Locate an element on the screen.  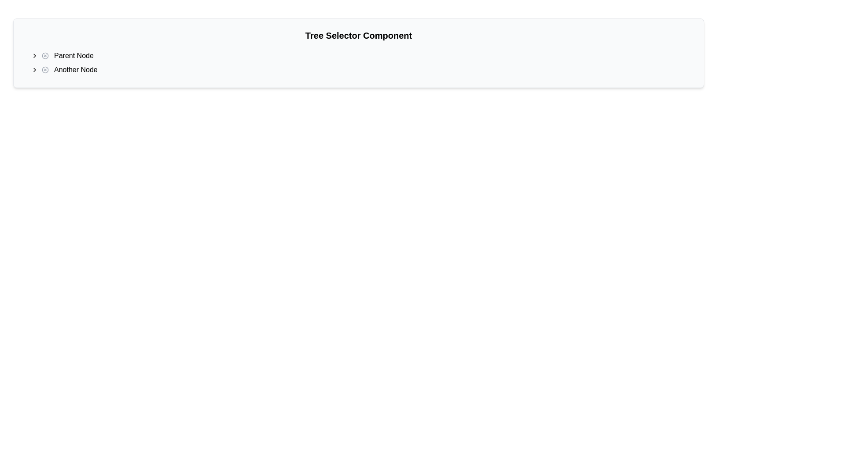
the text label representing a selectable node in the tree structure is located at coordinates (69, 69).